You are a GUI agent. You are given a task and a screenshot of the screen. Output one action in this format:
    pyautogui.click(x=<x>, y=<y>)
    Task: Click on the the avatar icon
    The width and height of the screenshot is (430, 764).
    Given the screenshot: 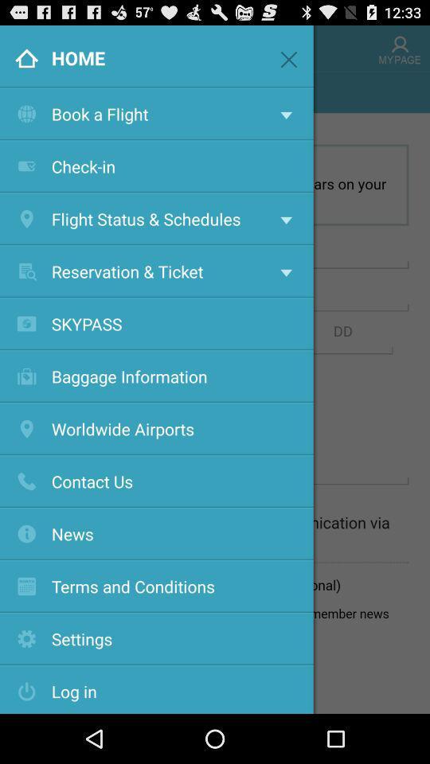 What is the action you would take?
    pyautogui.click(x=399, y=51)
    